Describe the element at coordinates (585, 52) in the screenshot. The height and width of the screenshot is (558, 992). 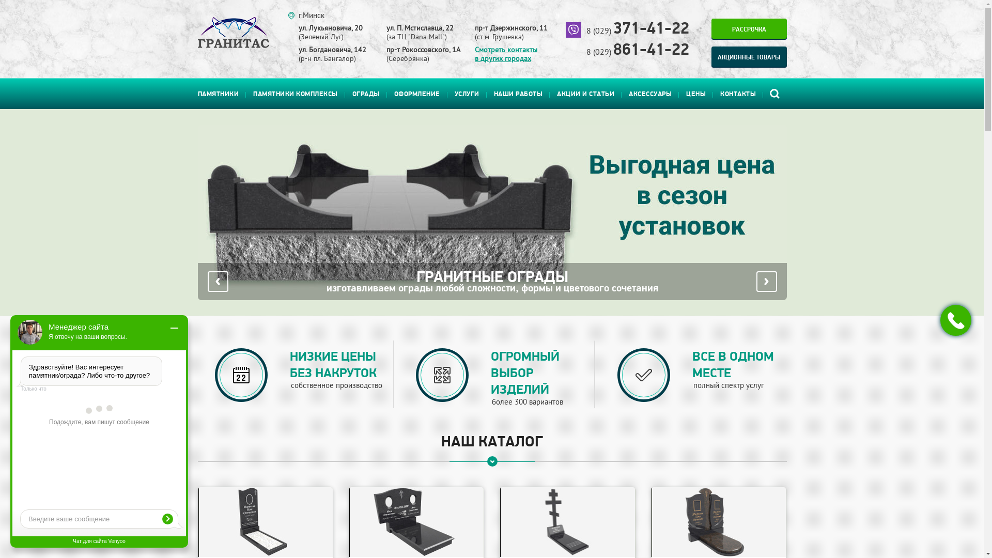
I see `'8 (029) 861-41-22'` at that location.